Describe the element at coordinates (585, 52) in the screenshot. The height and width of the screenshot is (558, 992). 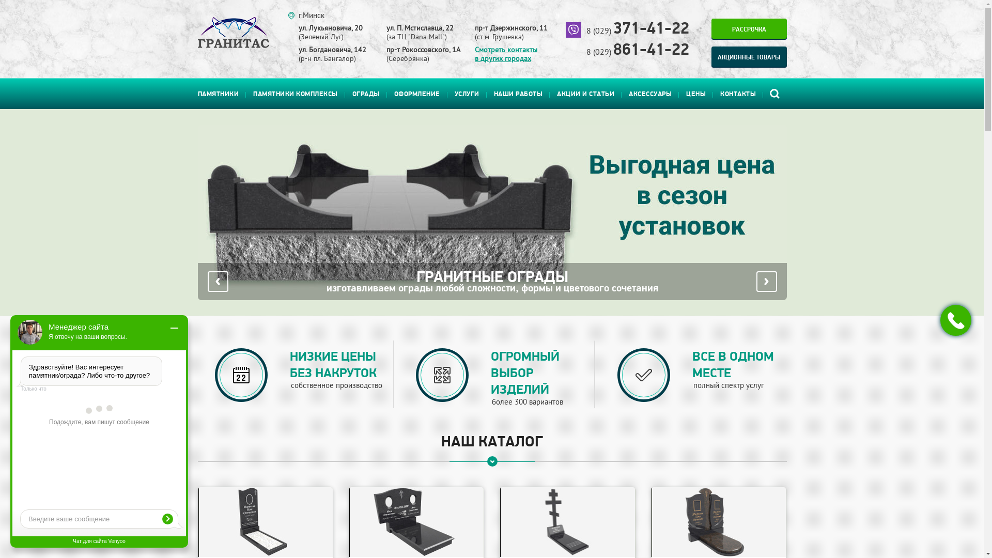
I see `'8 (029) 861-41-22'` at that location.